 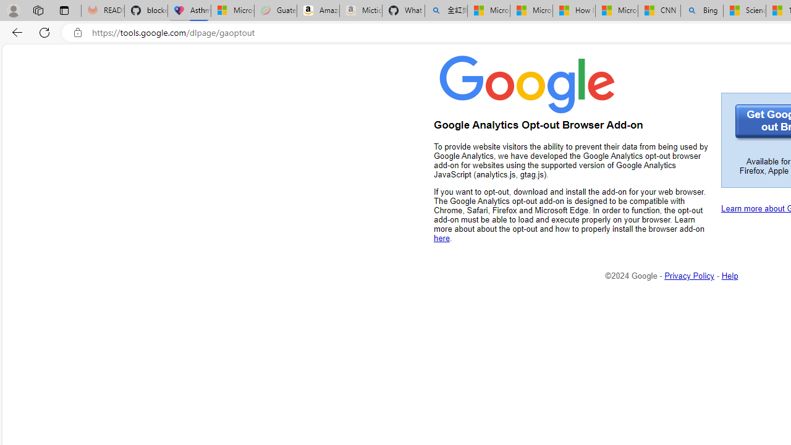 What do you see at coordinates (689, 275) in the screenshot?
I see `'Privacy Policy'` at bounding box center [689, 275].